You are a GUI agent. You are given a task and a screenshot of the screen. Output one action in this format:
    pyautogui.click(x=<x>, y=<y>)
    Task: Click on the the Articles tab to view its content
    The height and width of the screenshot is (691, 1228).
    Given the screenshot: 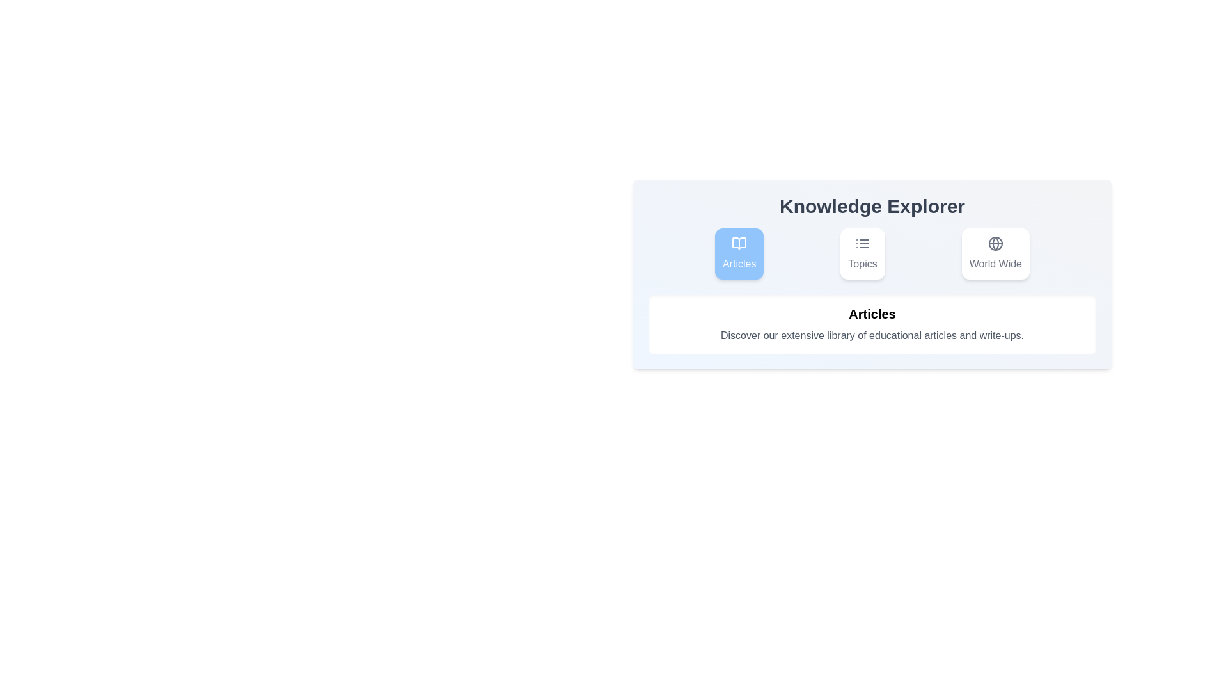 What is the action you would take?
    pyautogui.click(x=739, y=254)
    